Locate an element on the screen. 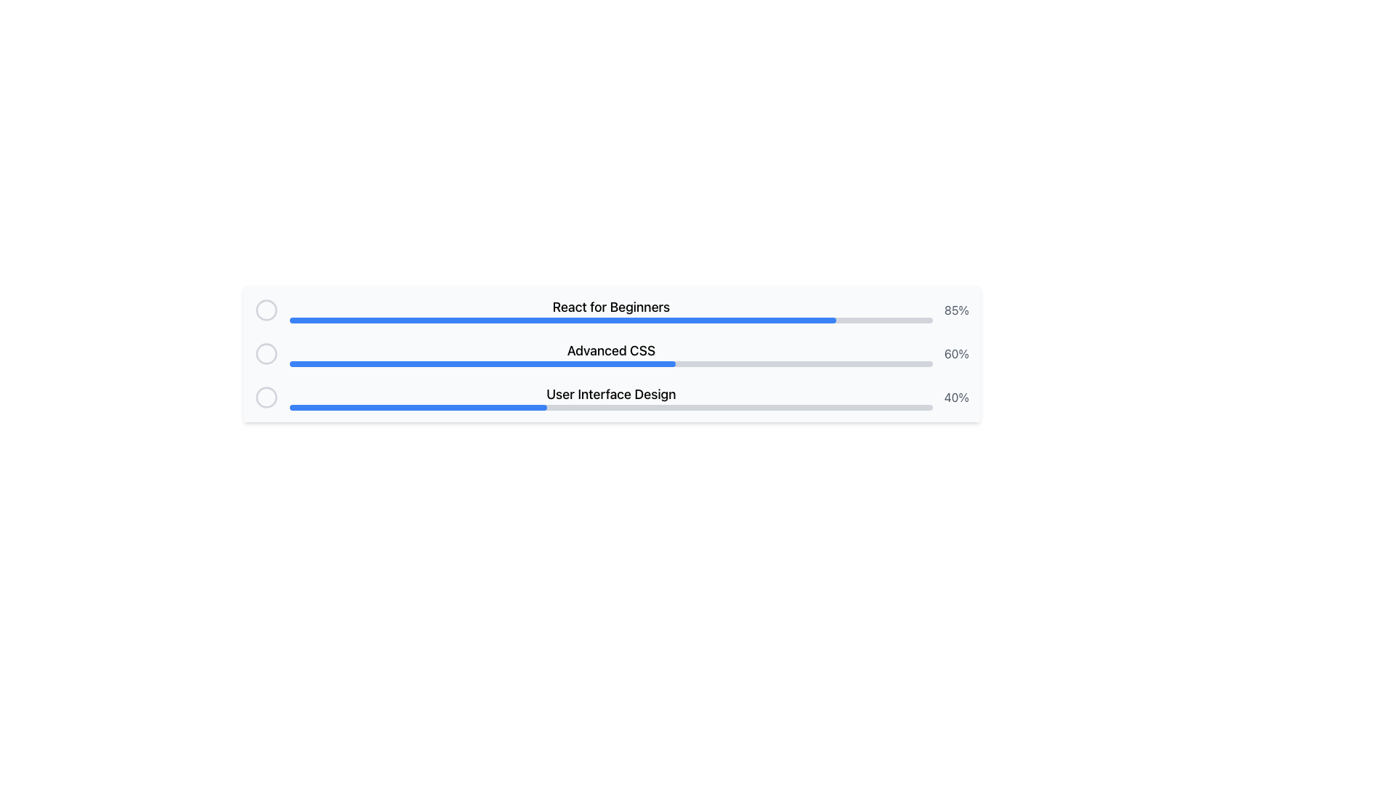 The height and width of the screenshot is (785, 1395). the first radio button located at the upper-left corner of the list interface, aligned with the first progress bar labeled 'React for Beginners' is located at coordinates (266, 310).